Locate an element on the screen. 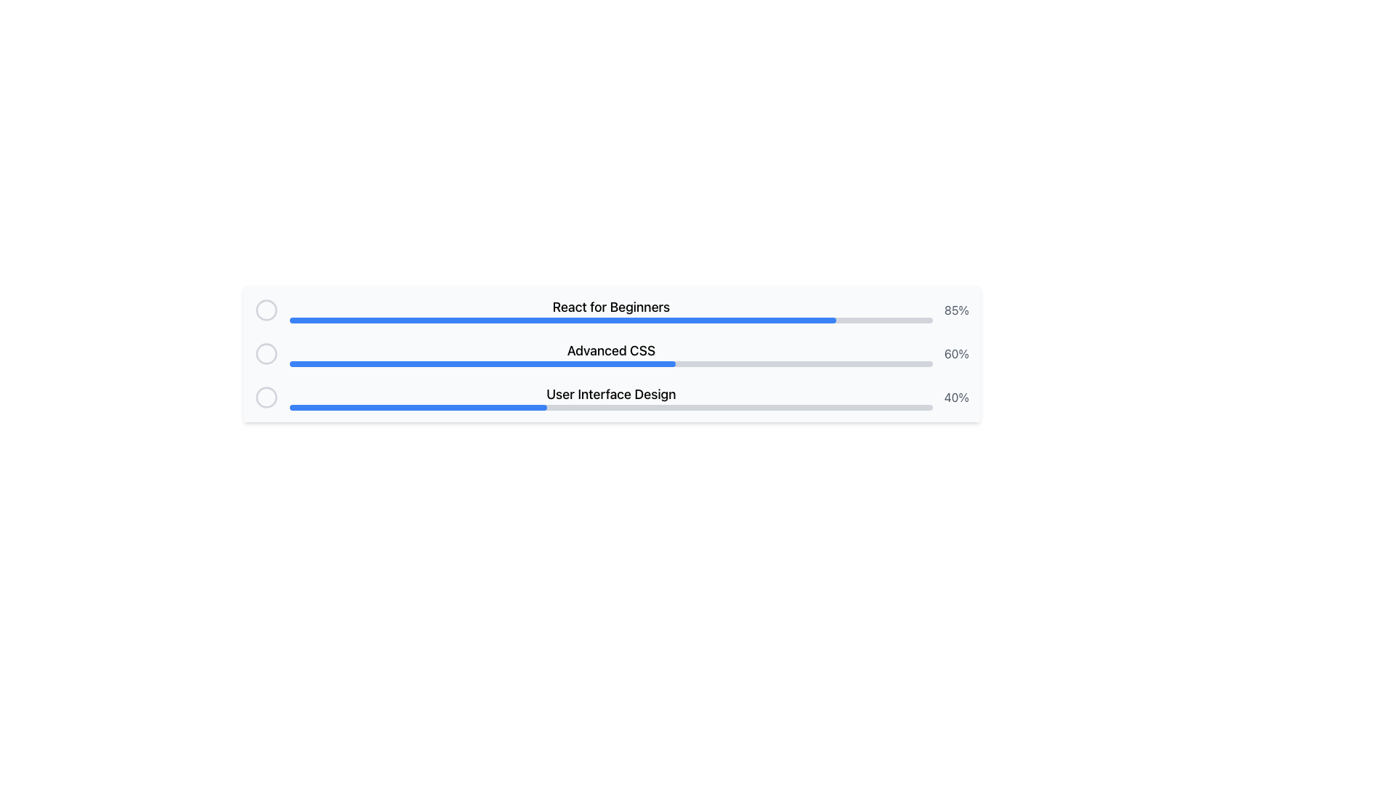 The height and width of the screenshot is (785, 1395). the first radio button located at the upper-left corner of the list interface, aligned with the first progress bar labeled 'React for Beginners' is located at coordinates (266, 310).